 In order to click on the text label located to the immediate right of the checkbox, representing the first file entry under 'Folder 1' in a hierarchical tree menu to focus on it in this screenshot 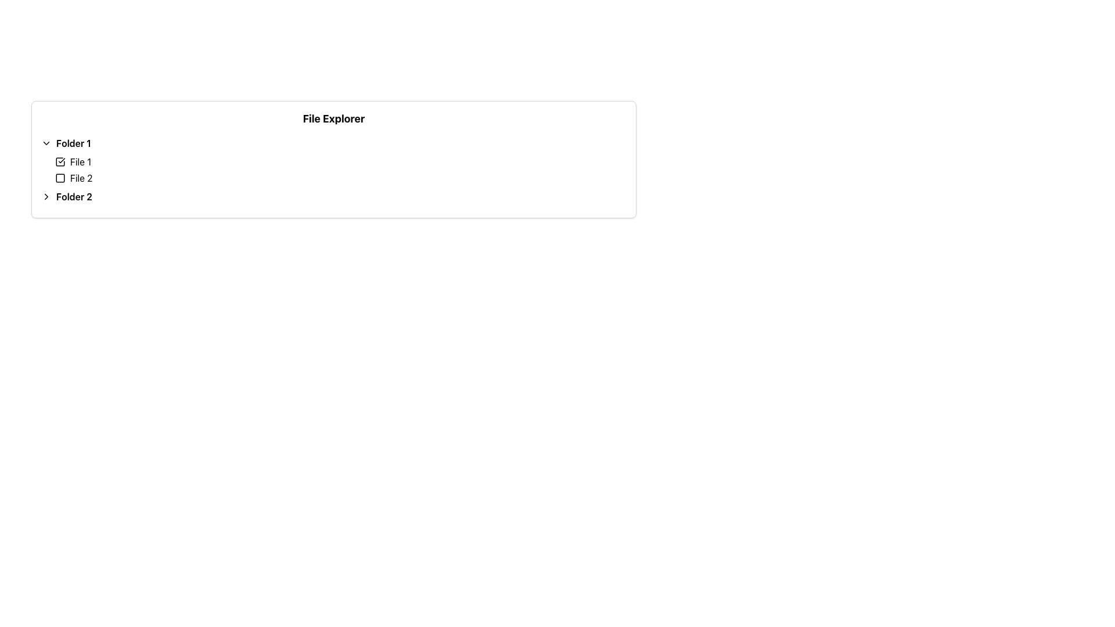, I will do `click(80, 161)`.